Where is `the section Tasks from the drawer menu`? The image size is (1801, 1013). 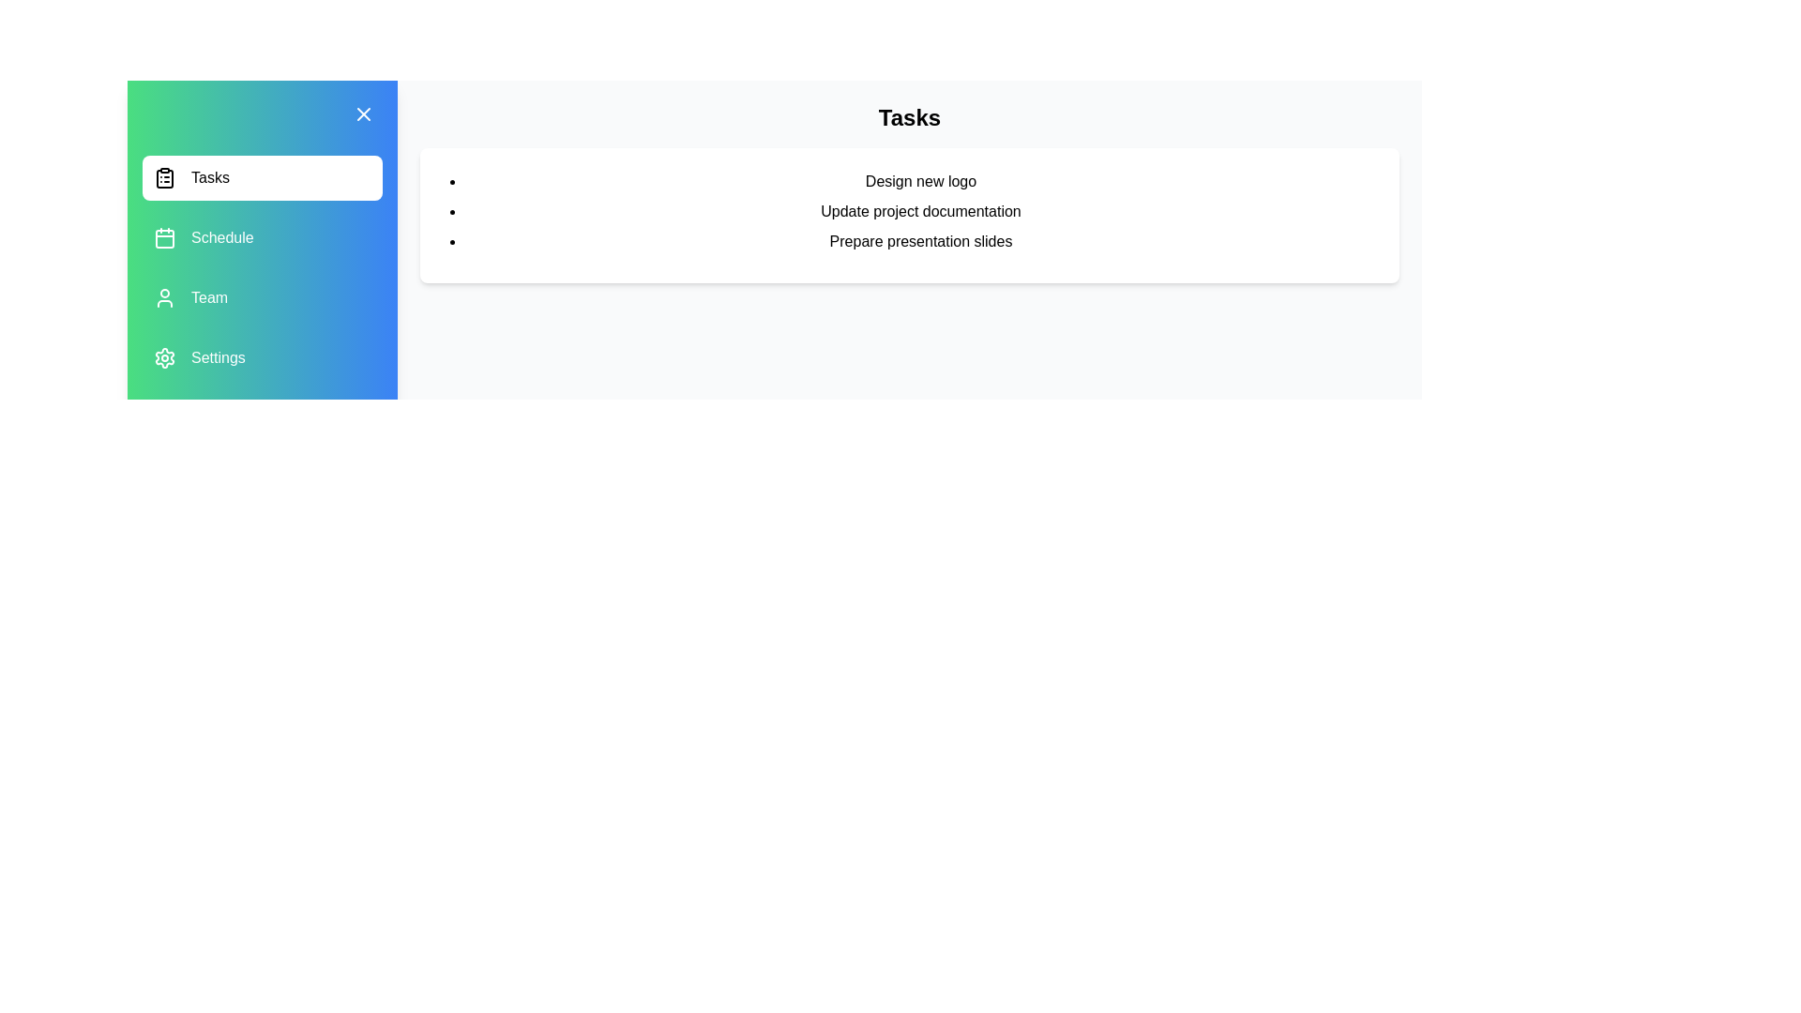 the section Tasks from the drawer menu is located at coordinates (261, 177).